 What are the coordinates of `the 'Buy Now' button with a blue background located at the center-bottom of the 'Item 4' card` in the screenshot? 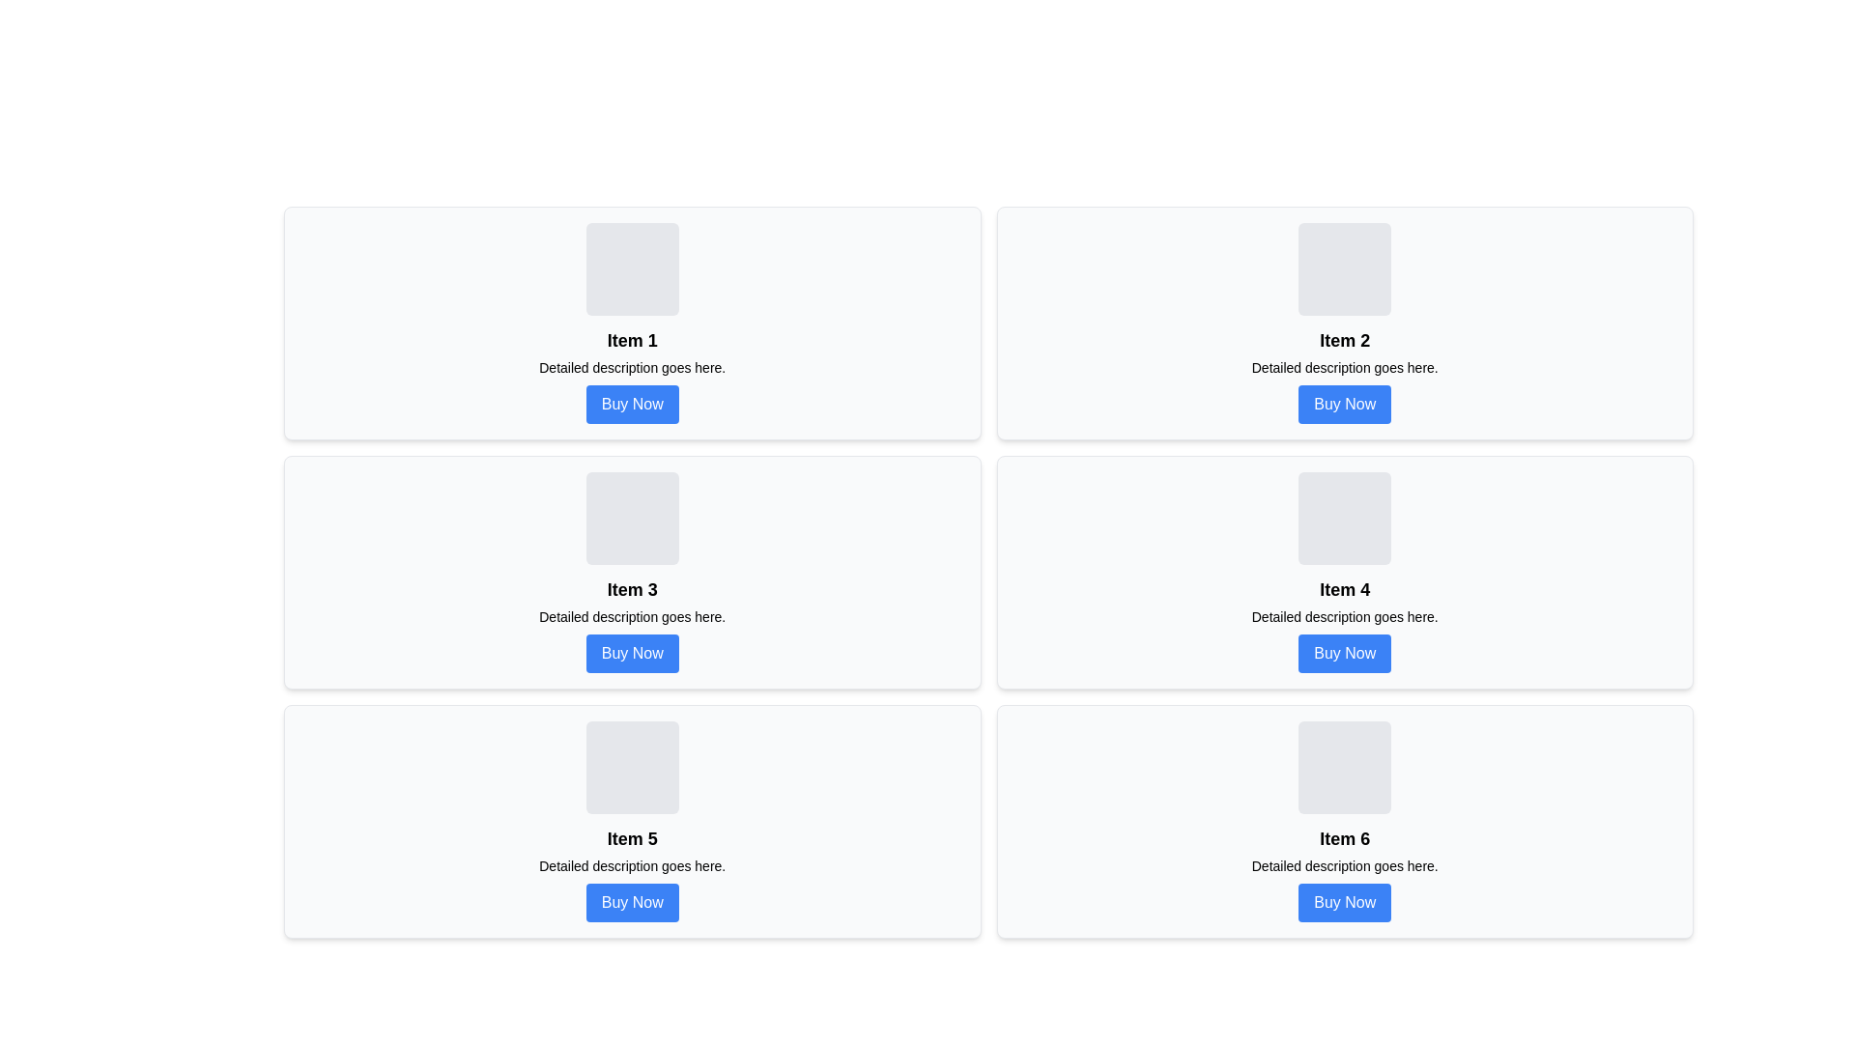 It's located at (1344, 653).